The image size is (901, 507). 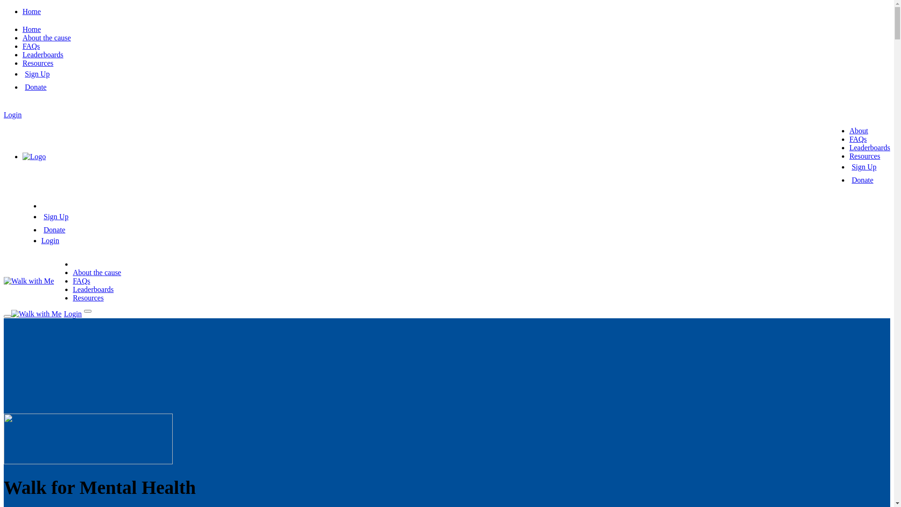 What do you see at coordinates (43, 230) in the screenshot?
I see `'Donate'` at bounding box center [43, 230].